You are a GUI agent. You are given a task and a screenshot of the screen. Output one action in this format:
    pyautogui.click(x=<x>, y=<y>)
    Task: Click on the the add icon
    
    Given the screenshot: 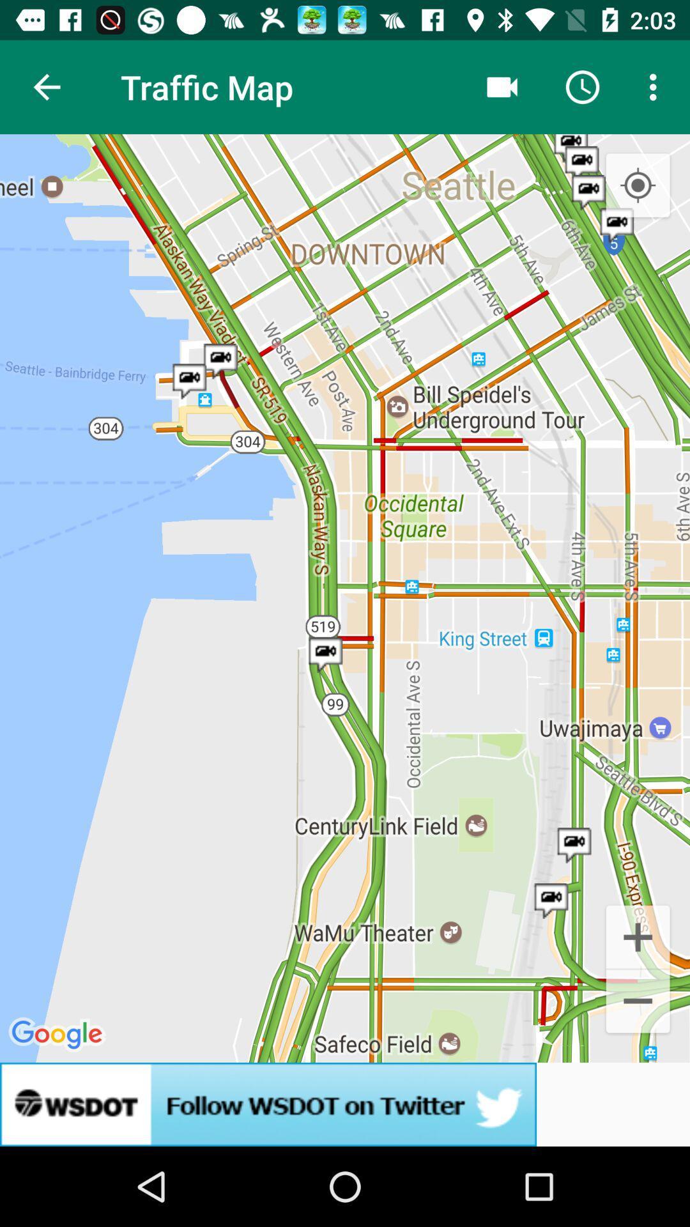 What is the action you would take?
    pyautogui.click(x=638, y=936)
    